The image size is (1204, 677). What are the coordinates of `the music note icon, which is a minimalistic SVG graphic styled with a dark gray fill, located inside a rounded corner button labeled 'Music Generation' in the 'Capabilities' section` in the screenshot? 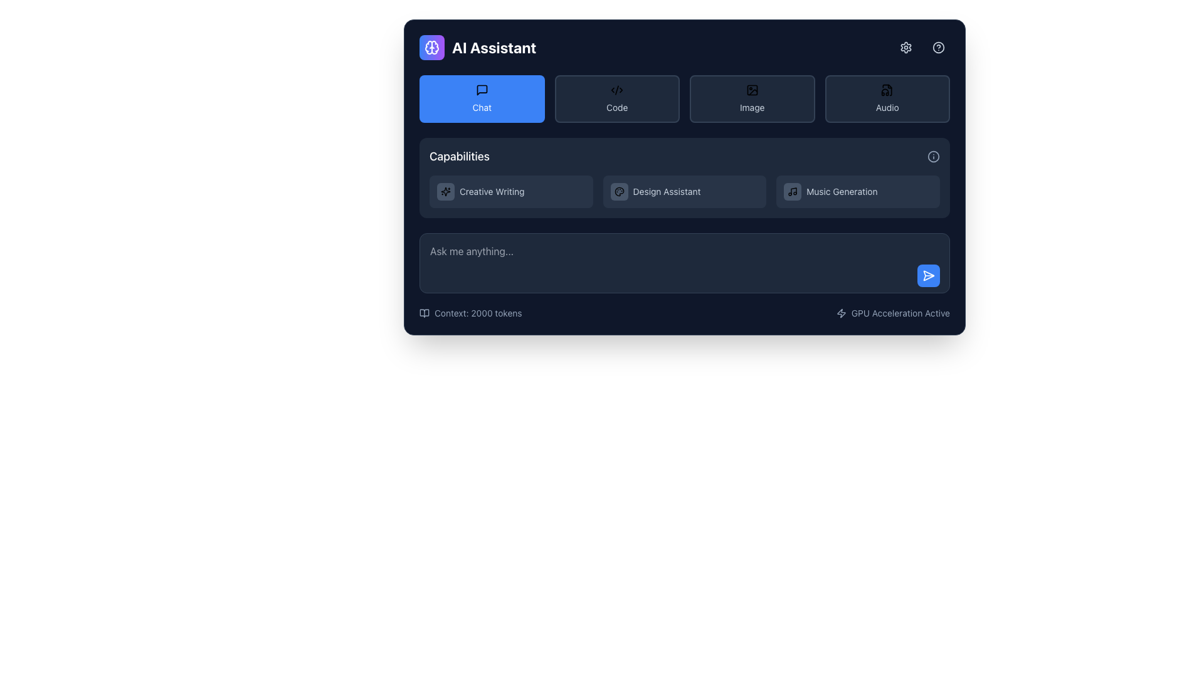 It's located at (792, 191).